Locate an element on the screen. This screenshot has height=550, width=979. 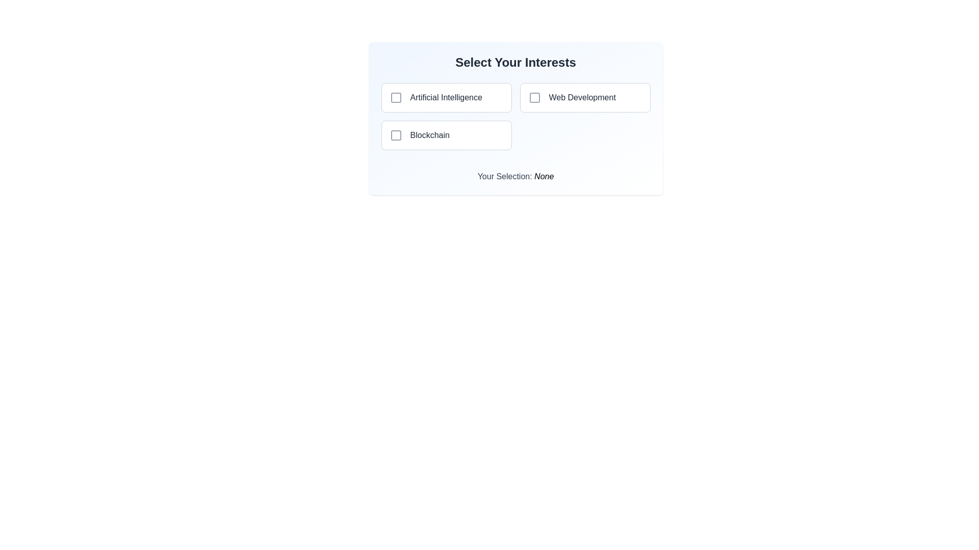
the text label displaying 'Your Selection:' with the value 'None' located at the bottom of the card component titled 'Select Your Interests' is located at coordinates (516, 172).